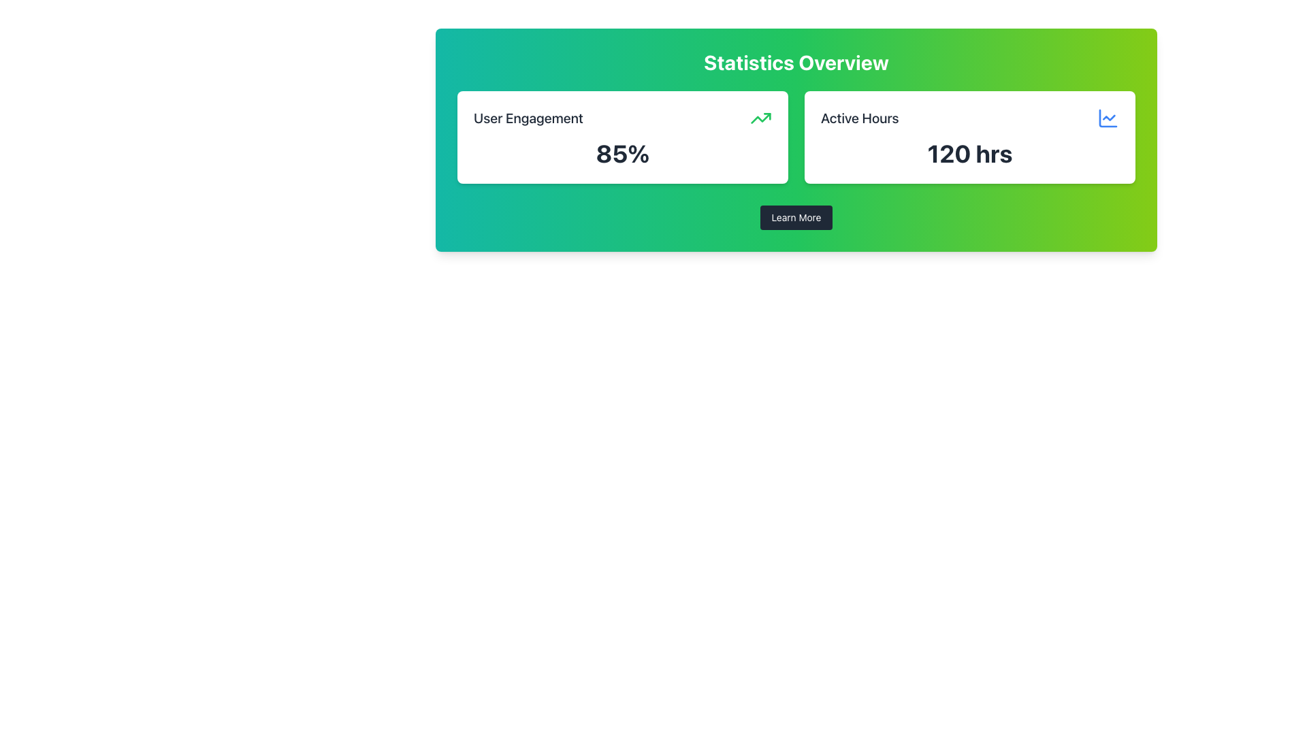  What do you see at coordinates (528, 117) in the screenshot?
I see `the text label that reads 'User Engagement', styled with a medium-sized bold font in dark color, located at the top-left corner of the user statistics card` at bounding box center [528, 117].